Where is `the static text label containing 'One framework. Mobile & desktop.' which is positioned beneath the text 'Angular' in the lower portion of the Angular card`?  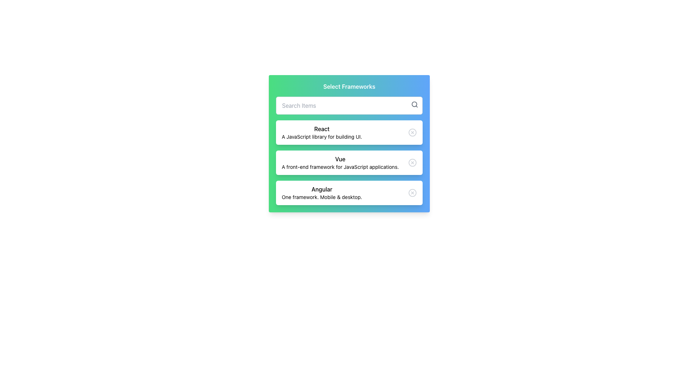
the static text label containing 'One framework. Mobile & desktop.' which is positioned beneath the text 'Angular' in the lower portion of the Angular card is located at coordinates (321, 197).